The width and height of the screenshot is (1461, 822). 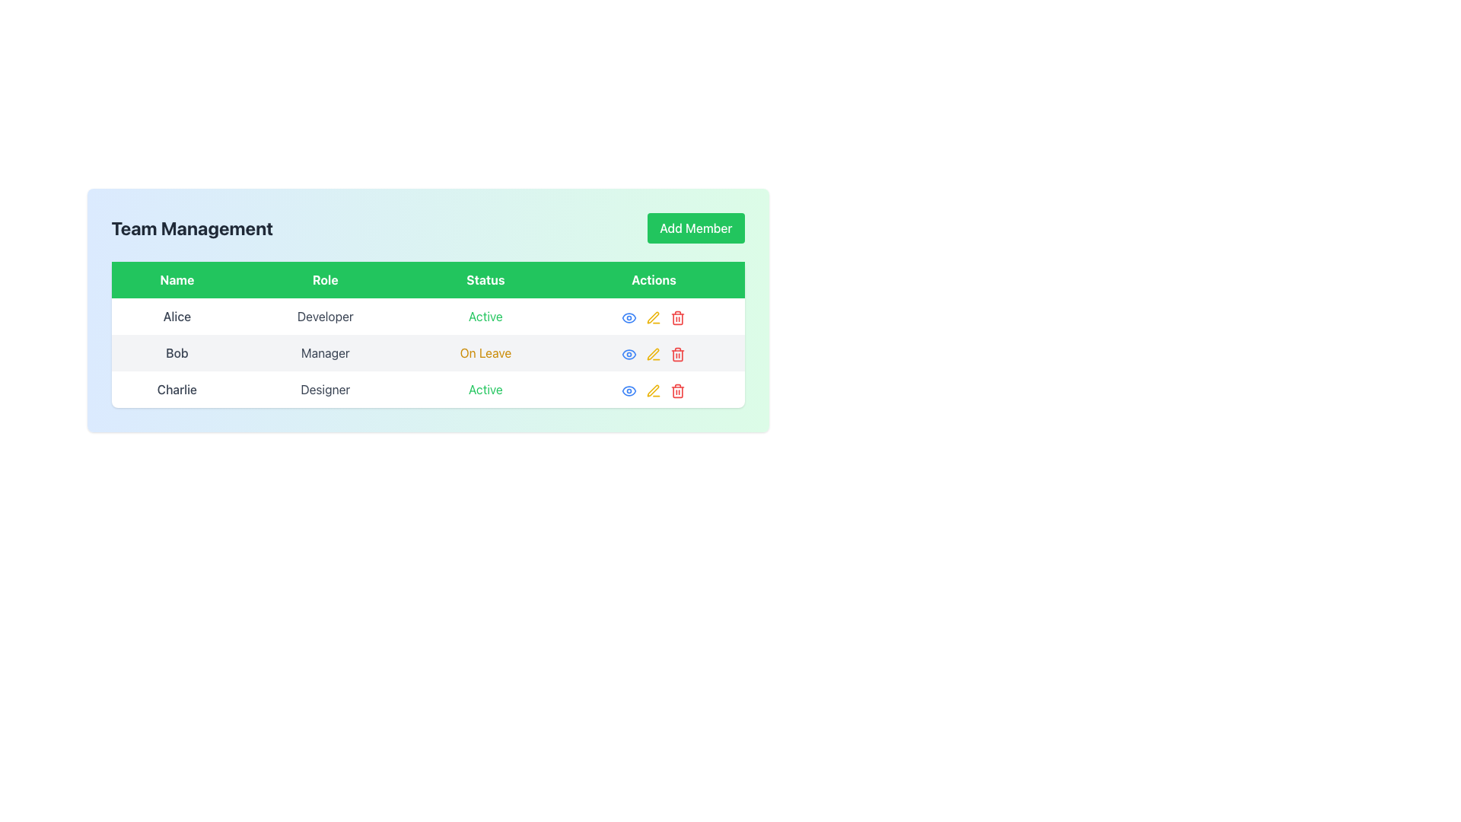 I want to click on the yellow pen-like icon in the 'Actions' column corresponding to Bob's information, so click(x=654, y=317).